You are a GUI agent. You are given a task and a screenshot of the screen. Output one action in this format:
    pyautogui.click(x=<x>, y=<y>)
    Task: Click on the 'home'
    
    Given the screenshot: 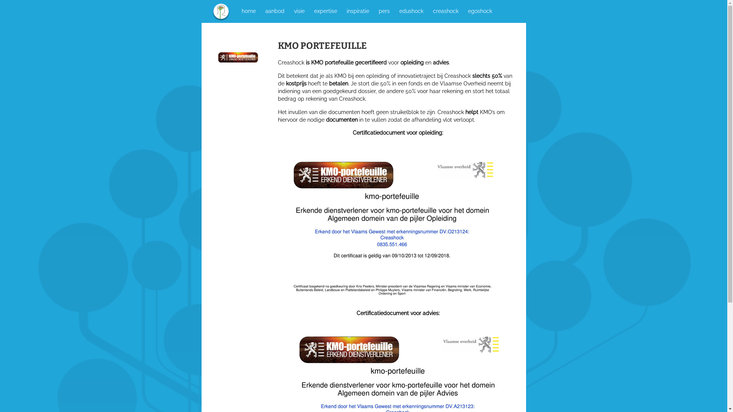 What is the action you would take?
    pyautogui.click(x=239, y=11)
    